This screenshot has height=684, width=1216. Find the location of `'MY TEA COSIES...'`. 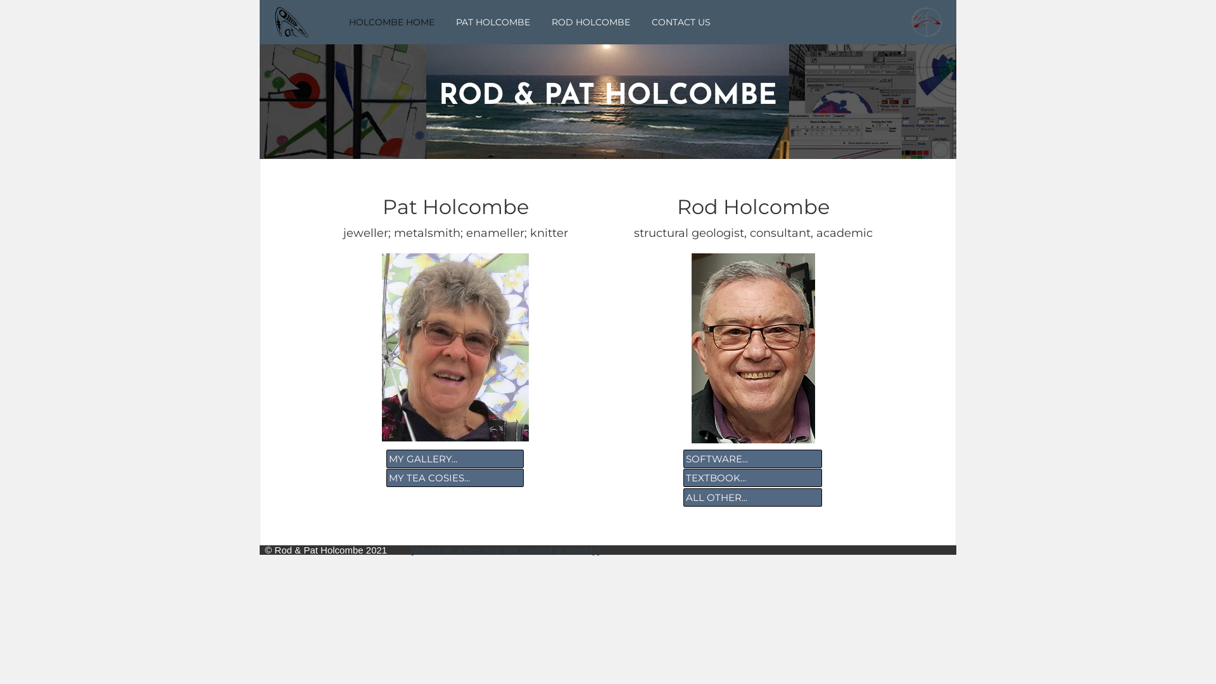

'MY TEA COSIES...' is located at coordinates (385, 478).